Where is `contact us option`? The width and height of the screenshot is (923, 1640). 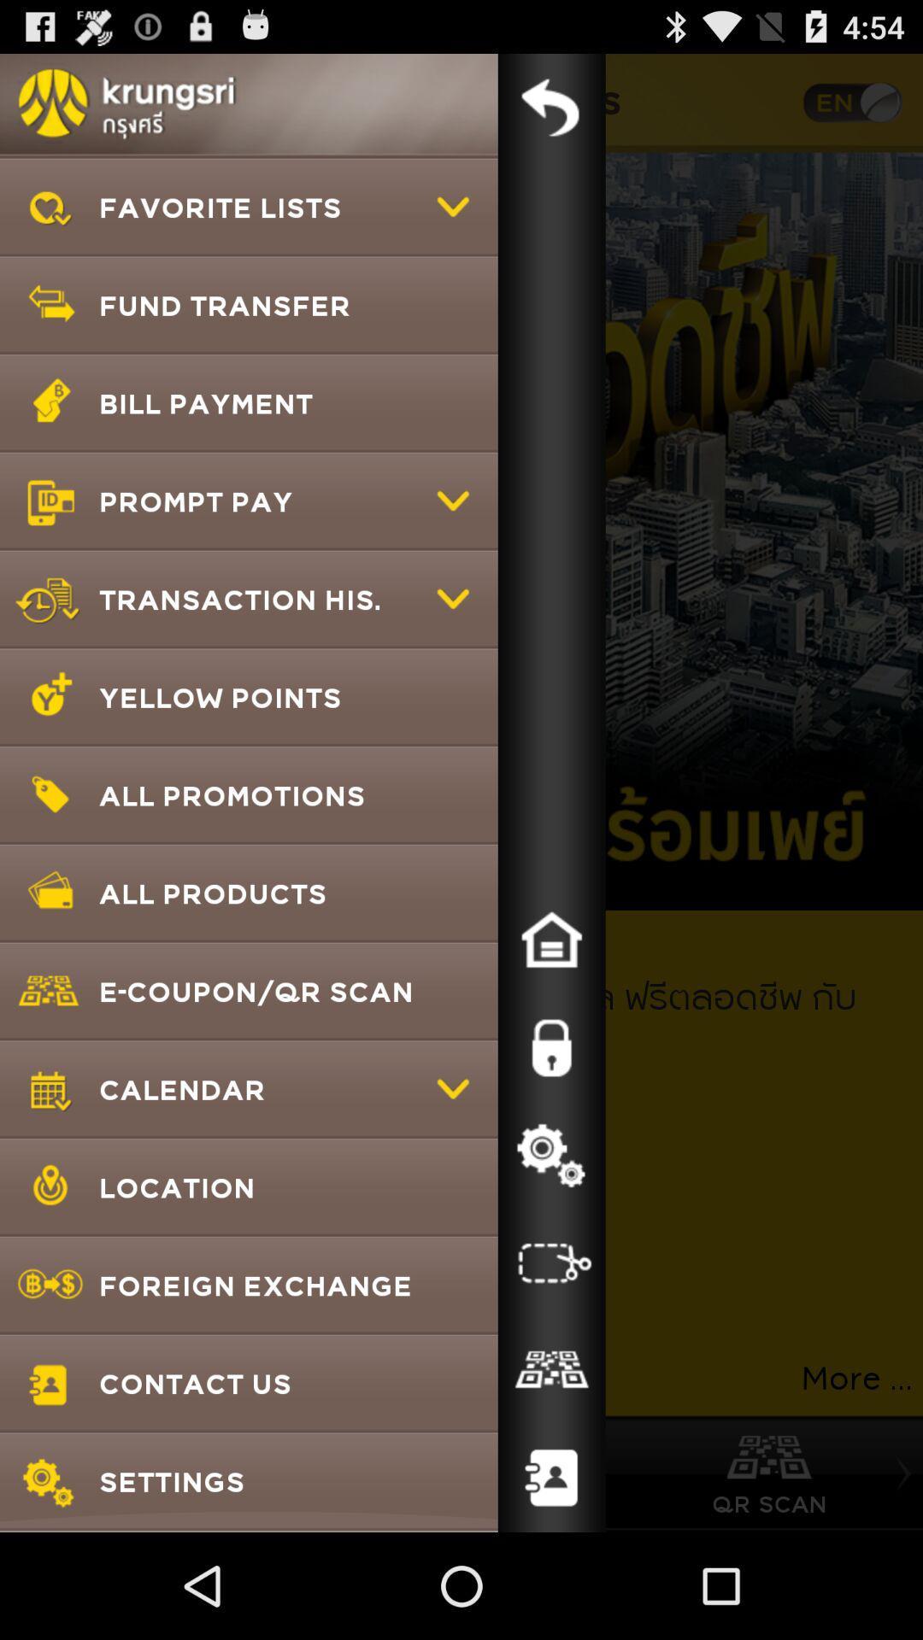 contact us option is located at coordinates (551, 1478).